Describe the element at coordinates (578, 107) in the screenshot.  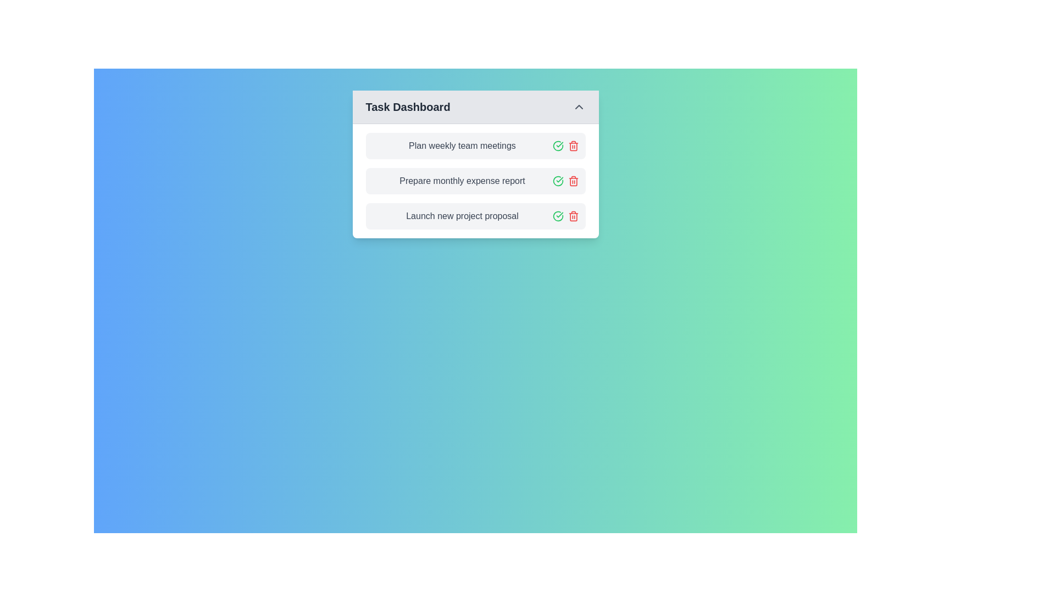
I see `the upward-facing chevron icon adjacent to the 'Task Dashboard' text in the top-right corner of the panel` at that location.